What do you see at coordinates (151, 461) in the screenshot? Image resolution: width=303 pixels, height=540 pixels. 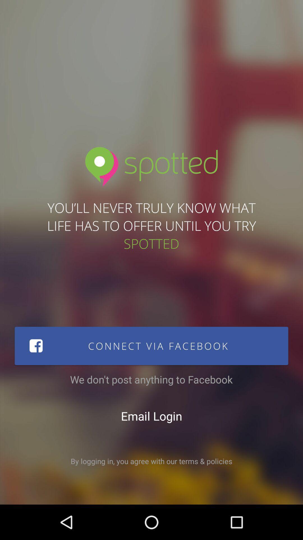 I see `the by logging in icon` at bounding box center [151, 461].